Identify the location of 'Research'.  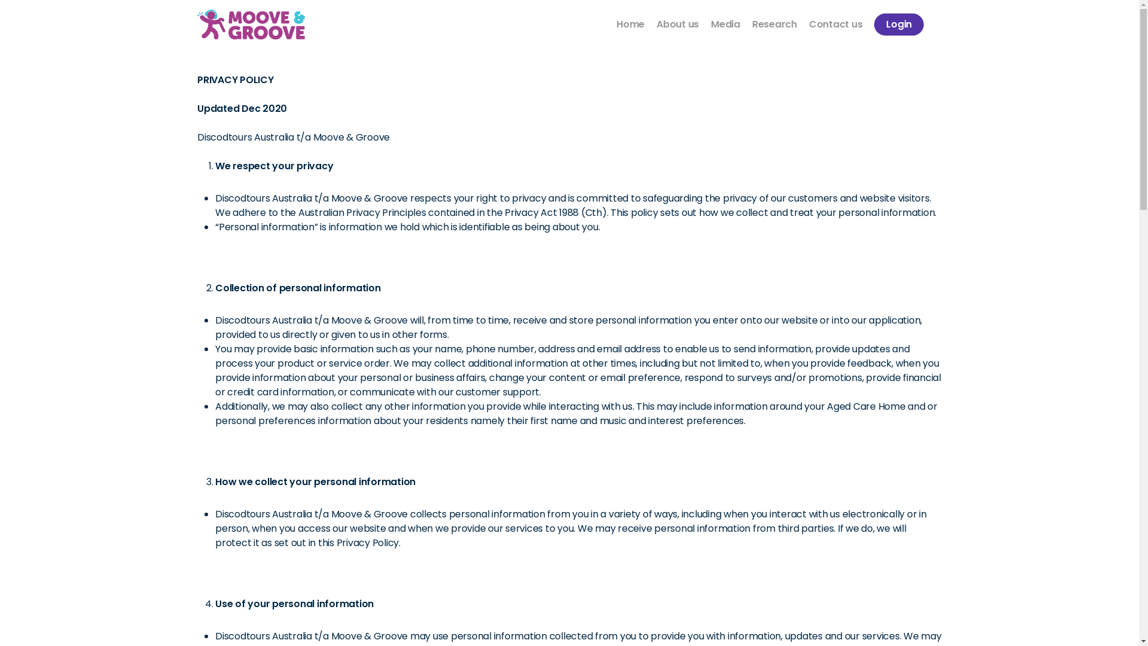
(751, 25).